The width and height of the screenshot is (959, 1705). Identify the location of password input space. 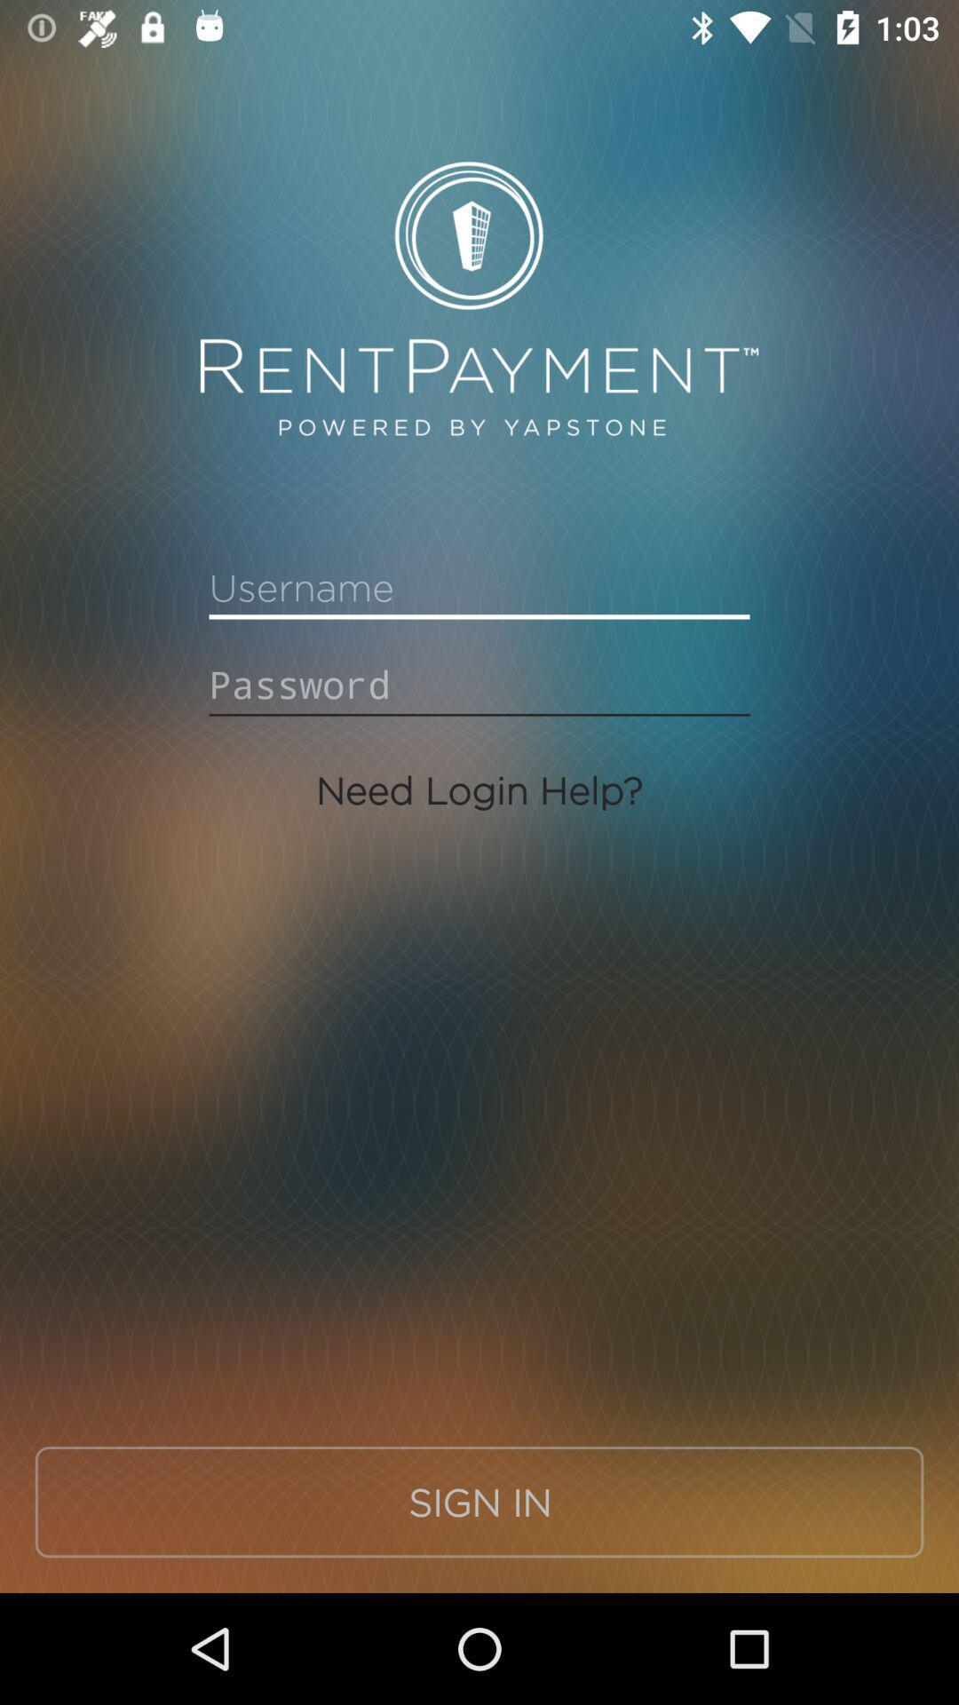
(479, 684).